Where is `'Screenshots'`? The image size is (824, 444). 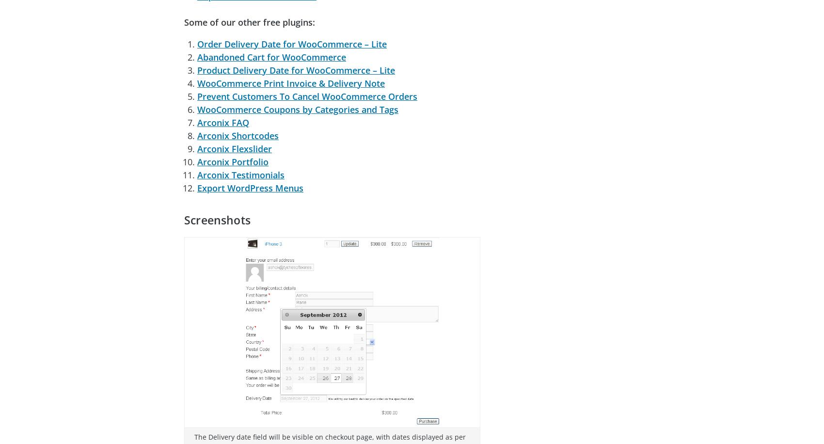
'Screenshots' is located at coordinates (217, 219).